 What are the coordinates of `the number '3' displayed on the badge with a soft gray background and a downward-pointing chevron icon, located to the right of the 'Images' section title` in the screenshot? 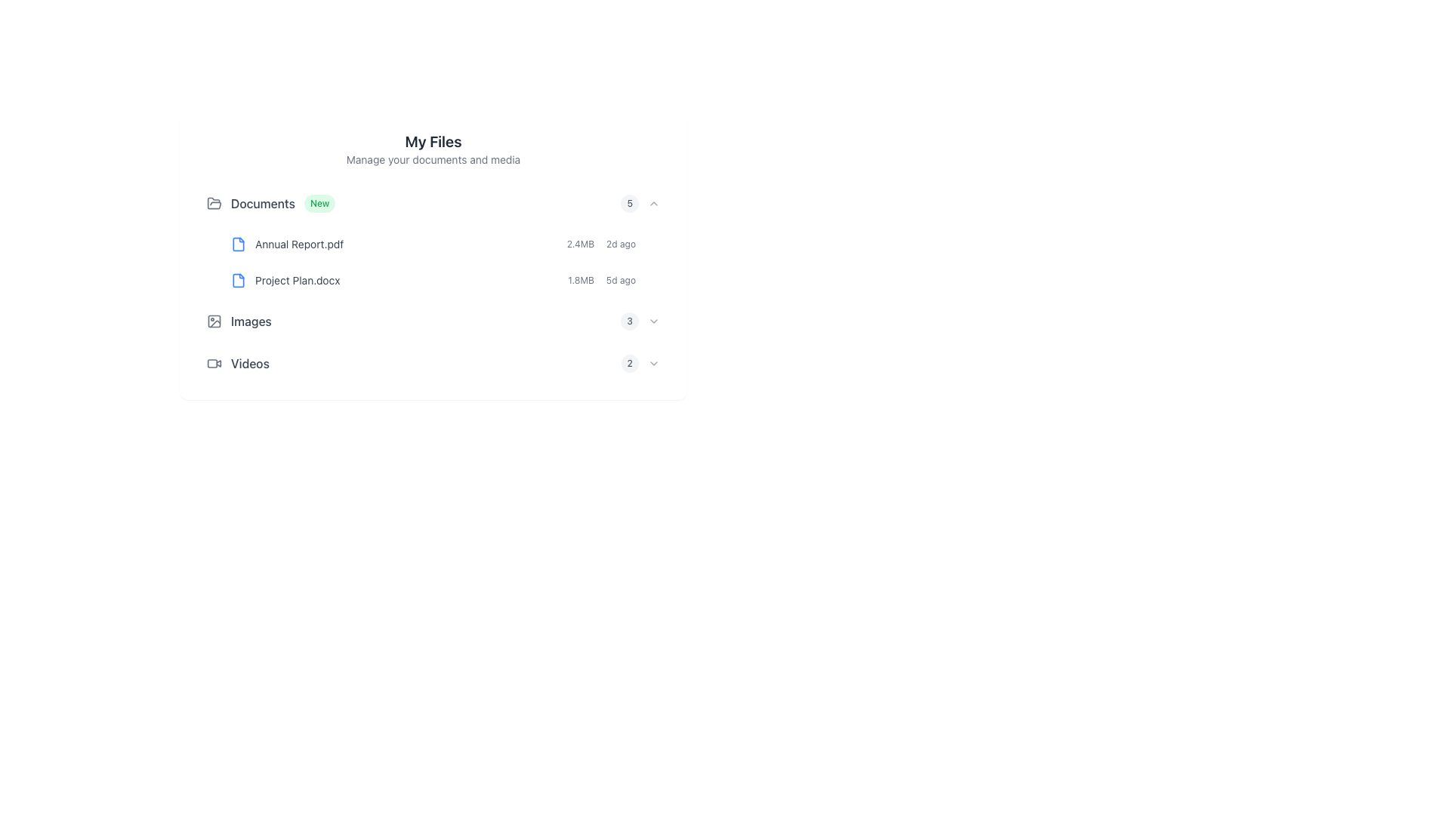 It's located at (640, 320).